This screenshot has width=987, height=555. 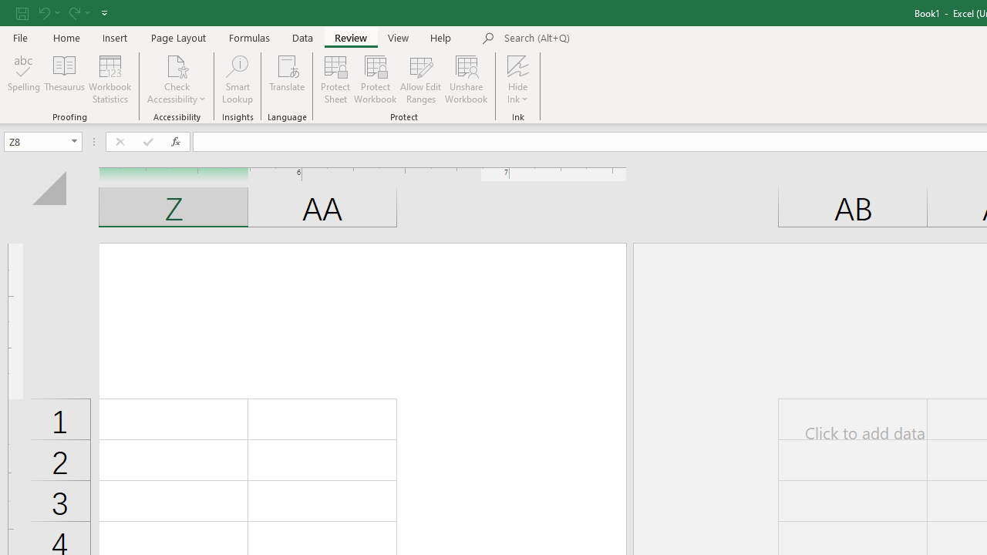 What do you see at coordinates (376, 79) in the screenshot?
I see `'Protect Workbook...'` at bounding box center [376, 79].